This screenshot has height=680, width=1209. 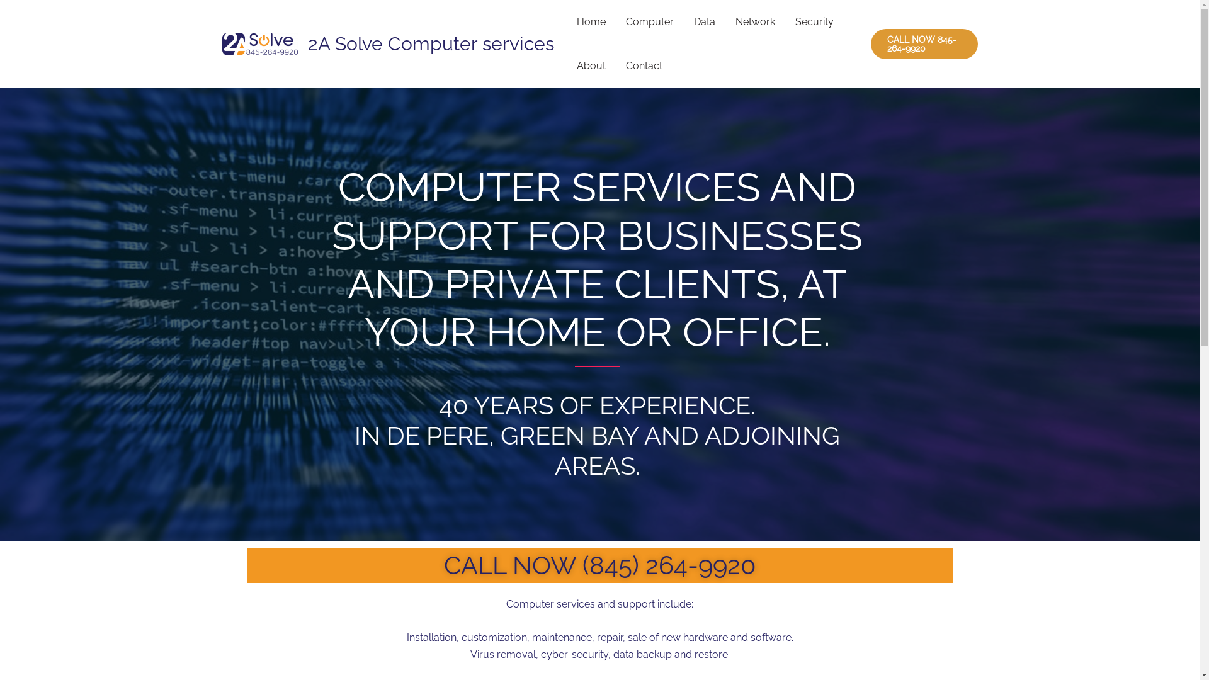 What do you see at coordinates (591, 21) in the screenshot?
I see `'Home'` at bounding box center [591, 21].